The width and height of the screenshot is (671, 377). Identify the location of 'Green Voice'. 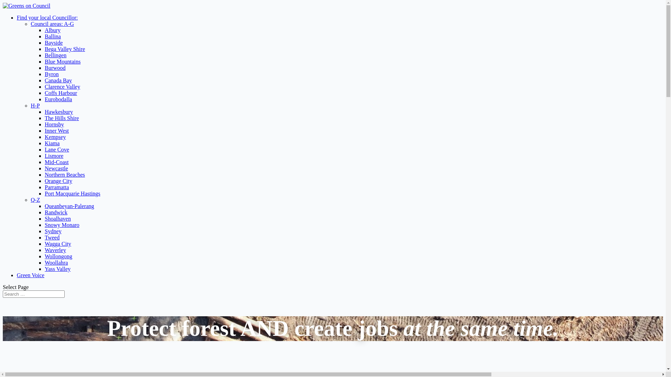
(30, 275).